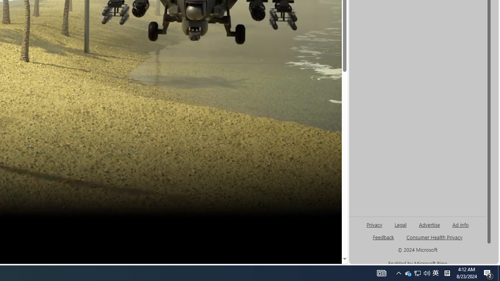 Image resolution: width=500 pixels, height=281 pixels. I want to click on 'AutomationID: sb_feedback', so click(383, 237).